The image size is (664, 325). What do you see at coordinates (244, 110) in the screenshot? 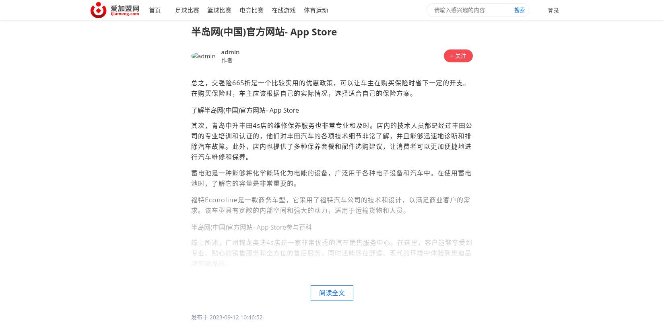
I see `'了解半岛网(中国)官方网站- App Store'` at bounding box center [244, 110].